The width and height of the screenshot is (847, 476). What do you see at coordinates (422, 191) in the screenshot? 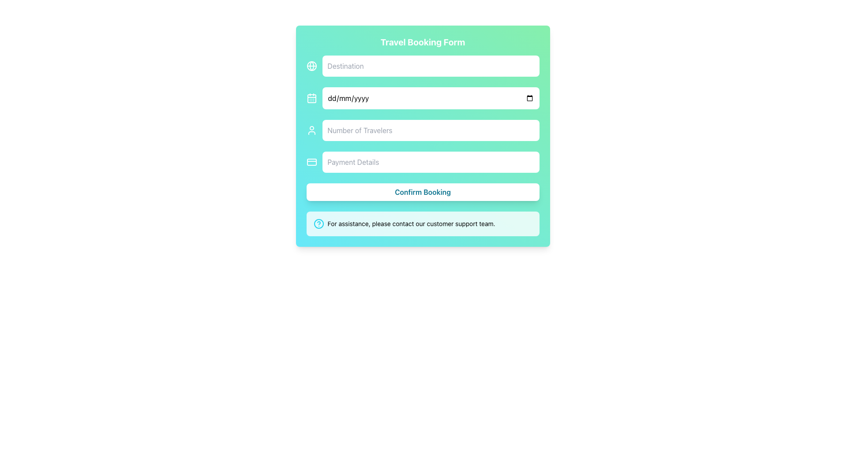
I see `the 'Submit' button located at the bottom of the 'Travel Booking Form' to confirm the booking` at bounding box center [422, 191].